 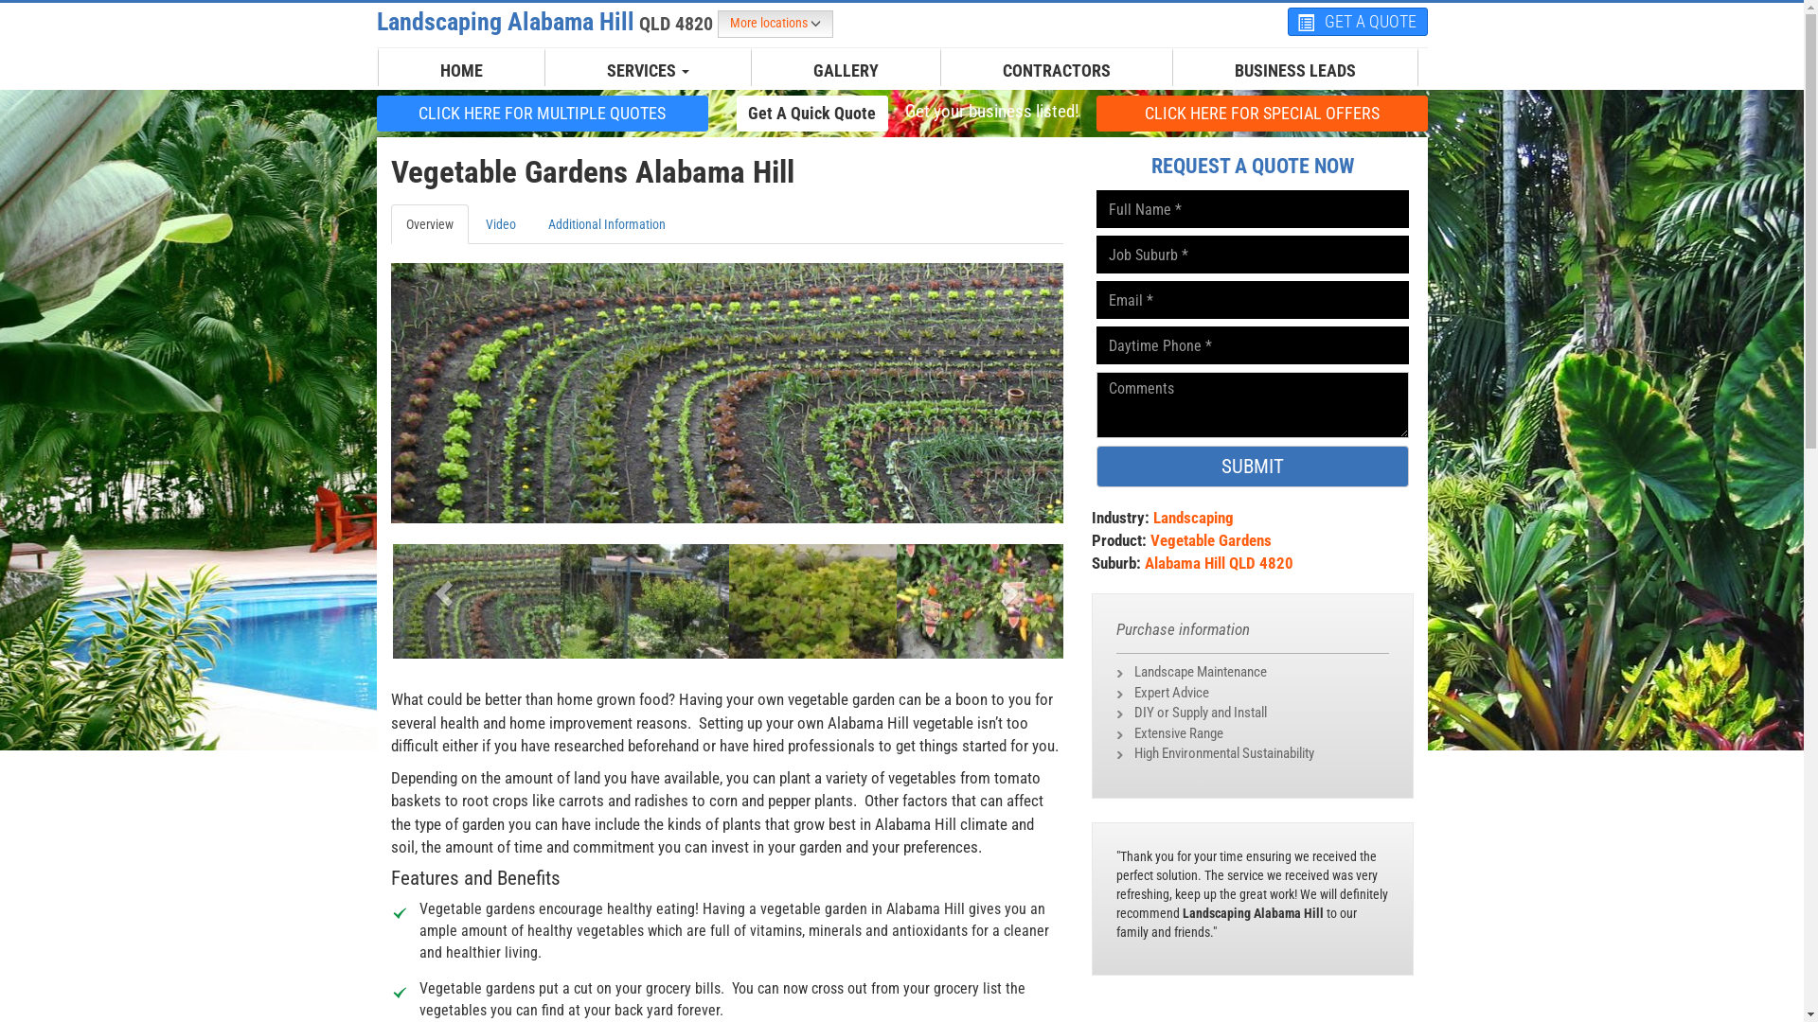 I want to click on 'Additional Information', so click(x=530, y=222).